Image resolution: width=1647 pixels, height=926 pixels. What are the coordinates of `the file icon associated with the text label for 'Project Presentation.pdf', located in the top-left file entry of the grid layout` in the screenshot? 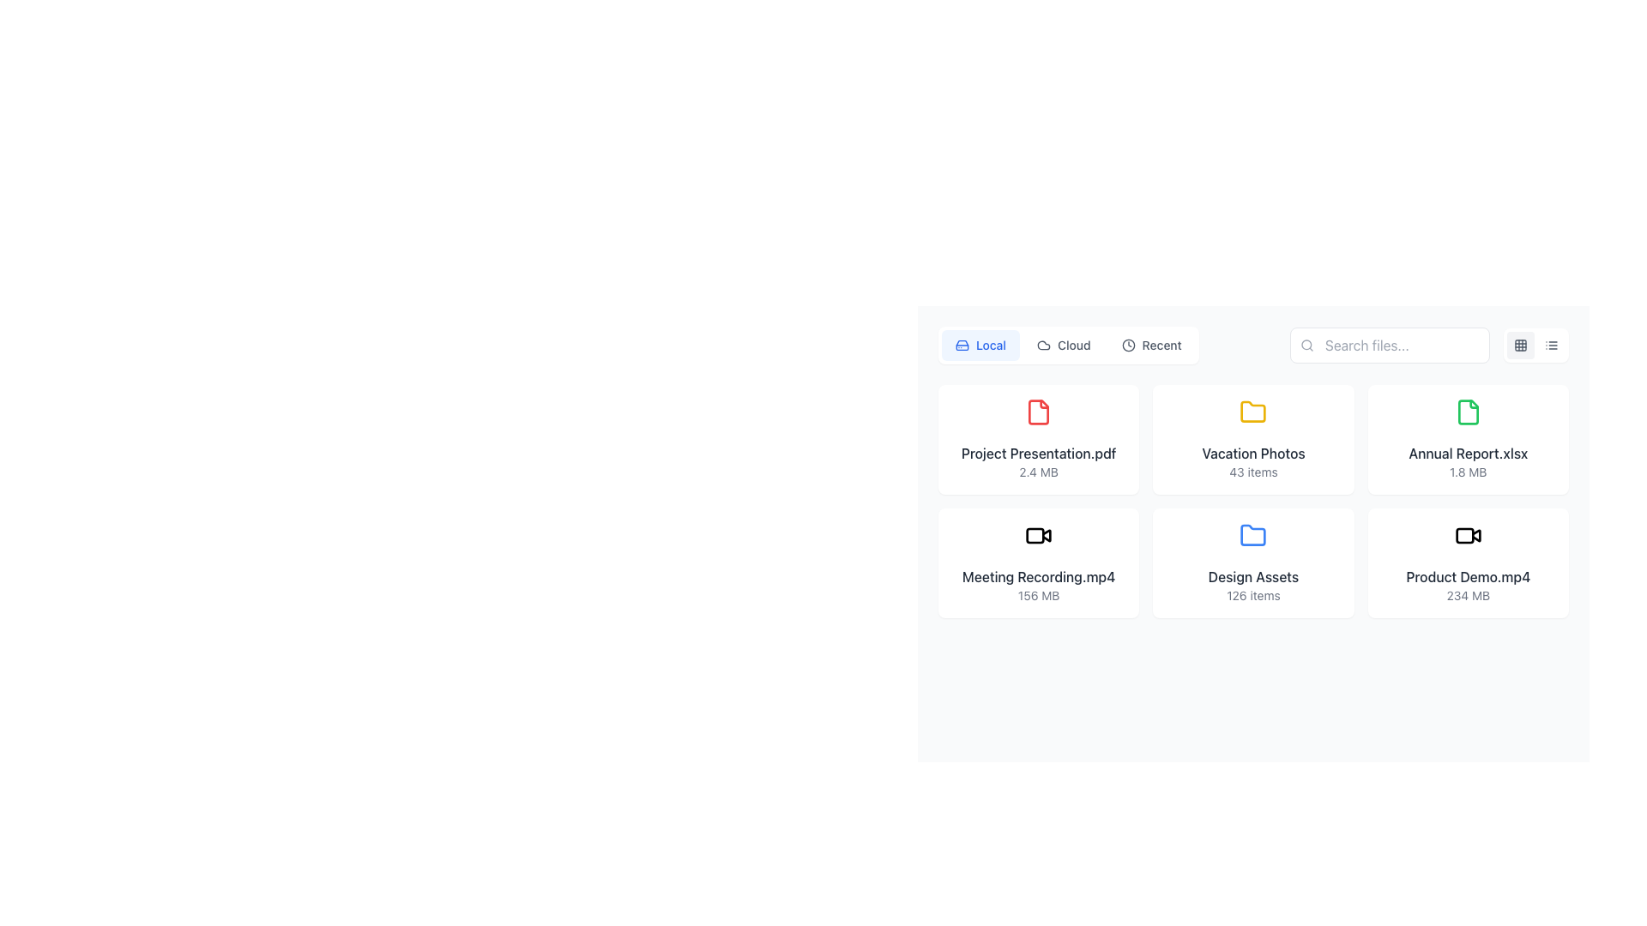 It's located at (1038, 452).